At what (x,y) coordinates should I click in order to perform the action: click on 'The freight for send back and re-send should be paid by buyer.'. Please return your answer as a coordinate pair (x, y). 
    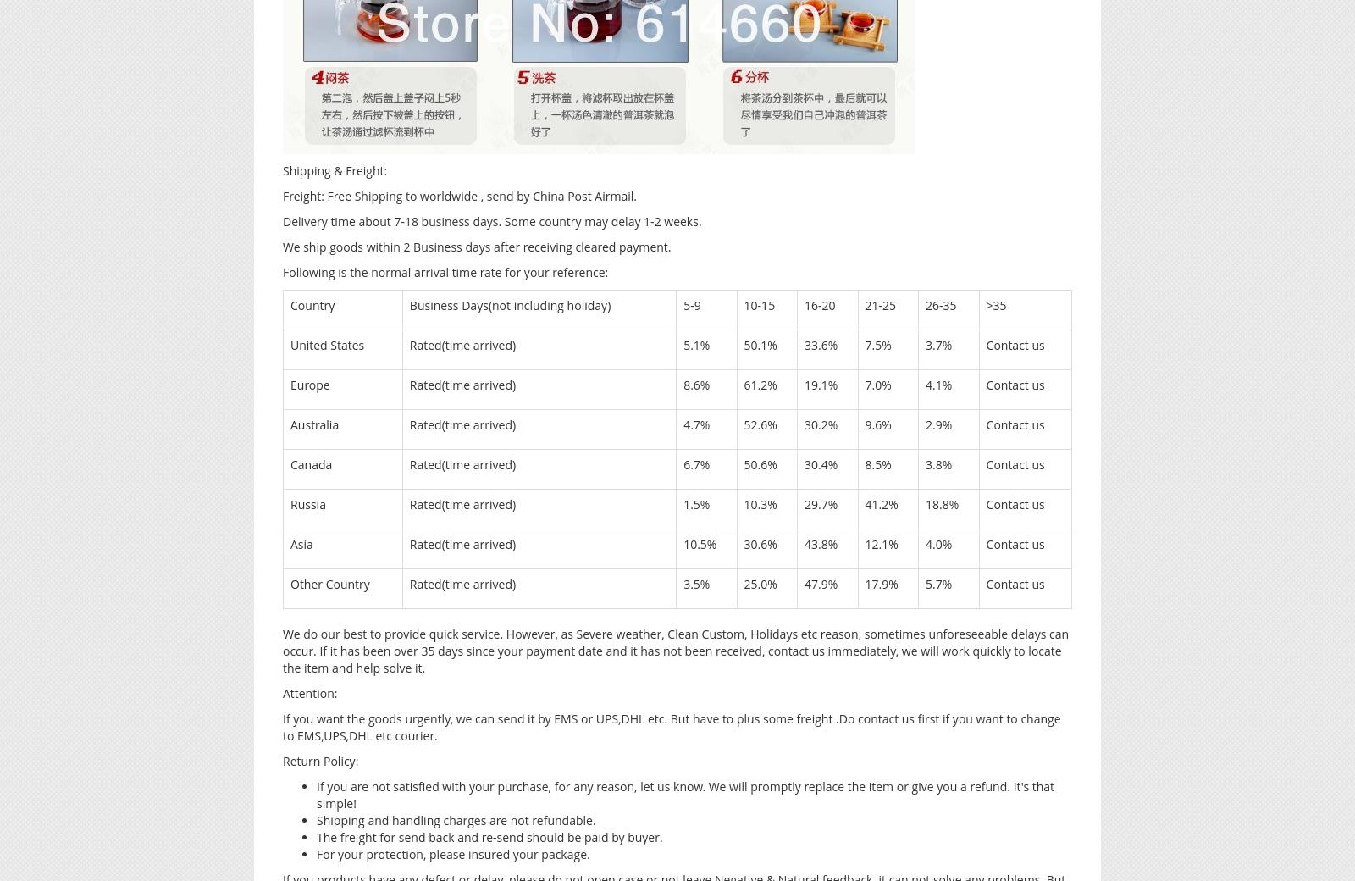
    Looking at the image, I should click on (317, 836).